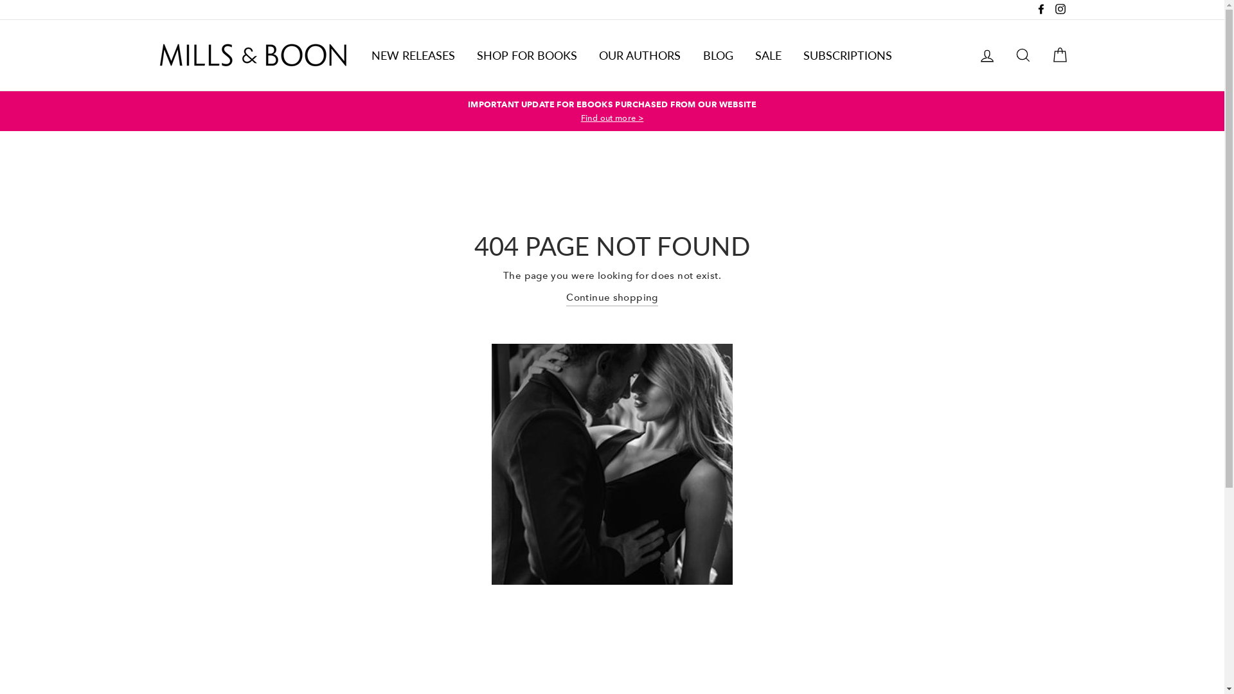 This screenshot has width=1234, height=694. Describe the element at coordinates (1023, 55) in the screenshot. I see `'SEARCH'` at that location.